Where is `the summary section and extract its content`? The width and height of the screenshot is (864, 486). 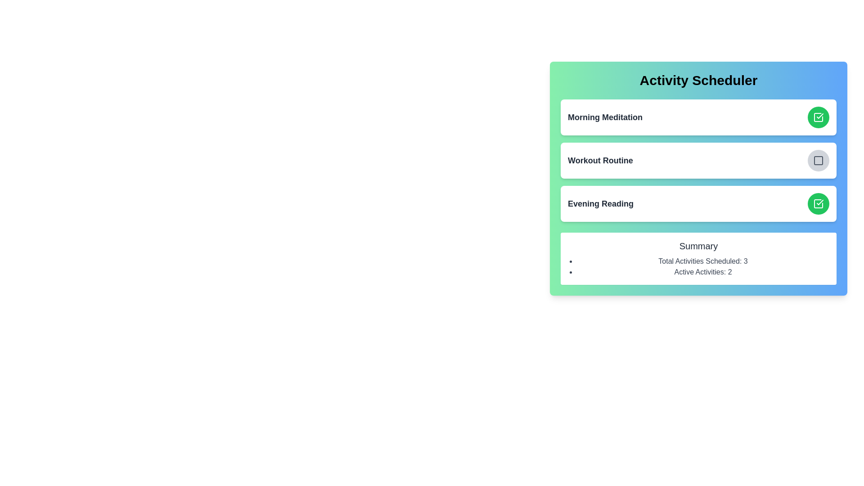 the summary section and extract its content is located at coordinates (698, 258).